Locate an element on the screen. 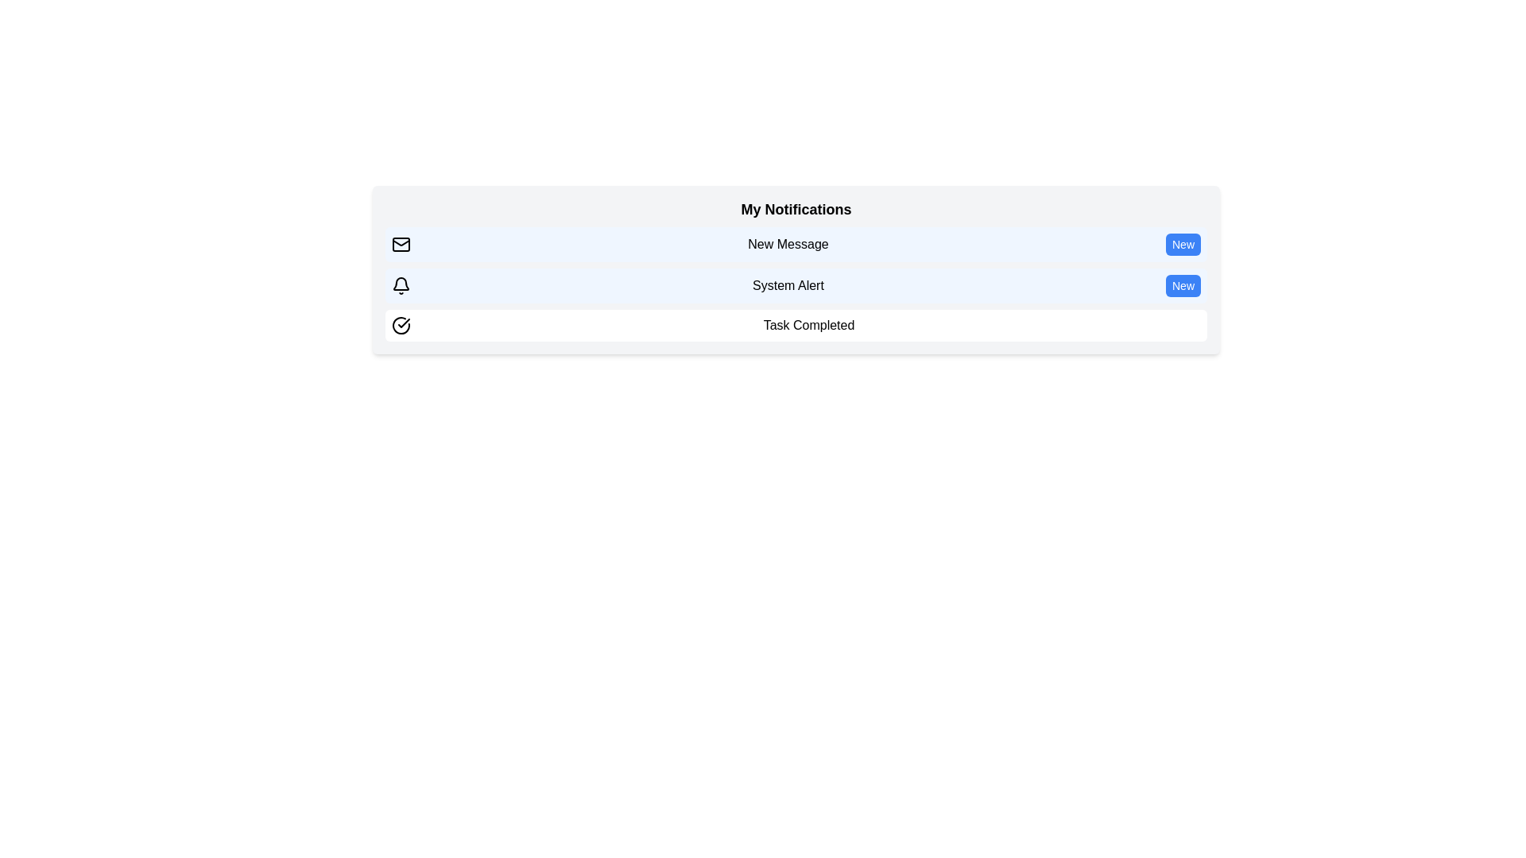 This screenshot has height=858, width=1526. the small black envelope icon in the notification list, which is located to the left of the 'New Message' text is located at coordinates (401, 245).